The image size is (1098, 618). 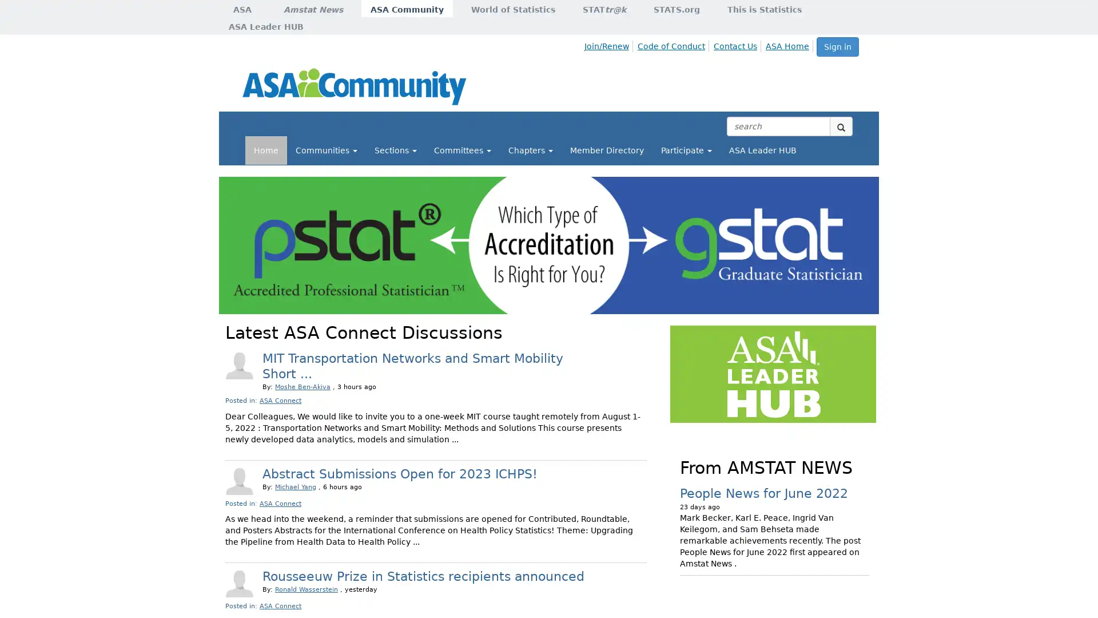 What do you see at coordinates (841, 126) in the screenshot?
I see `search` at bounding box center [841, 126].